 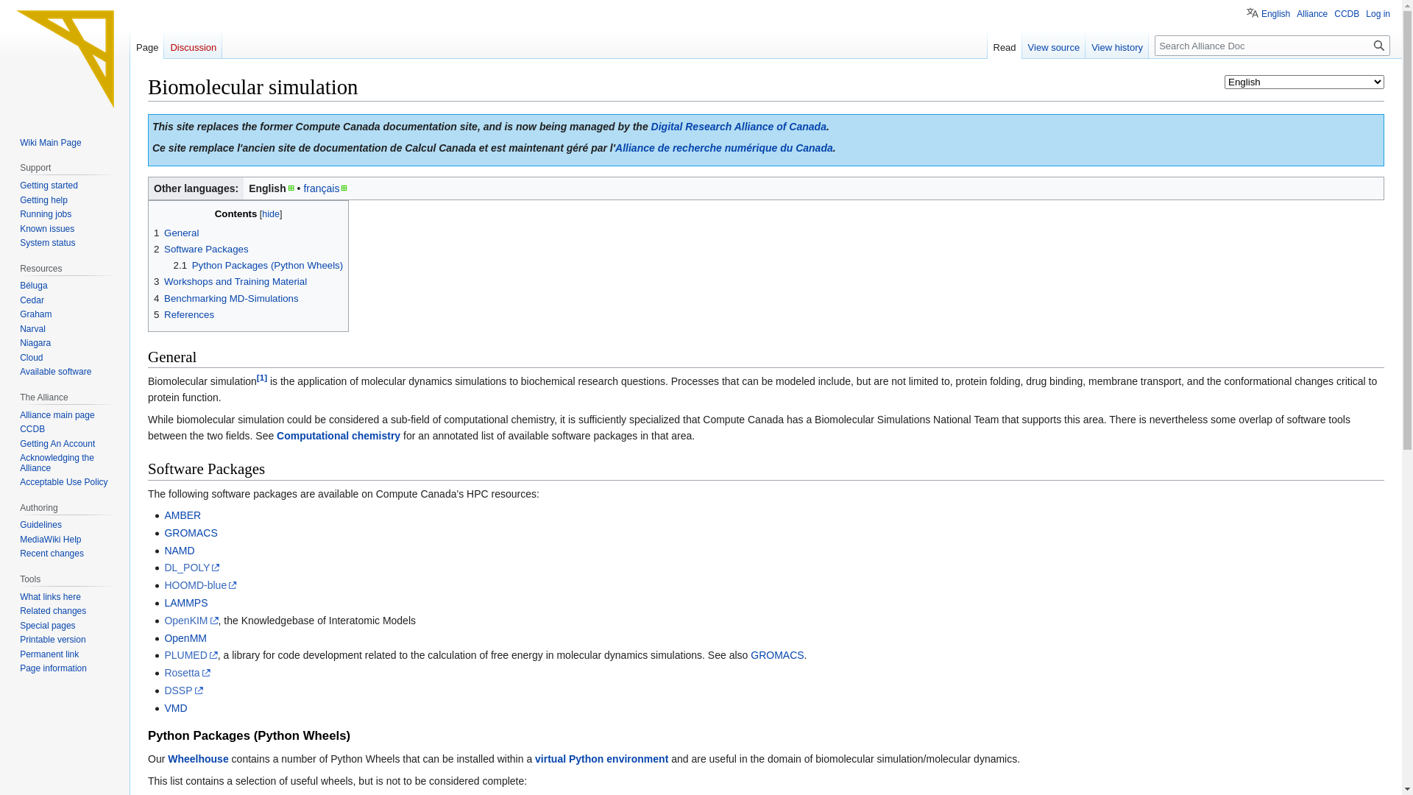 I want to click on 'Running jobs', so click(x=46, y=213).